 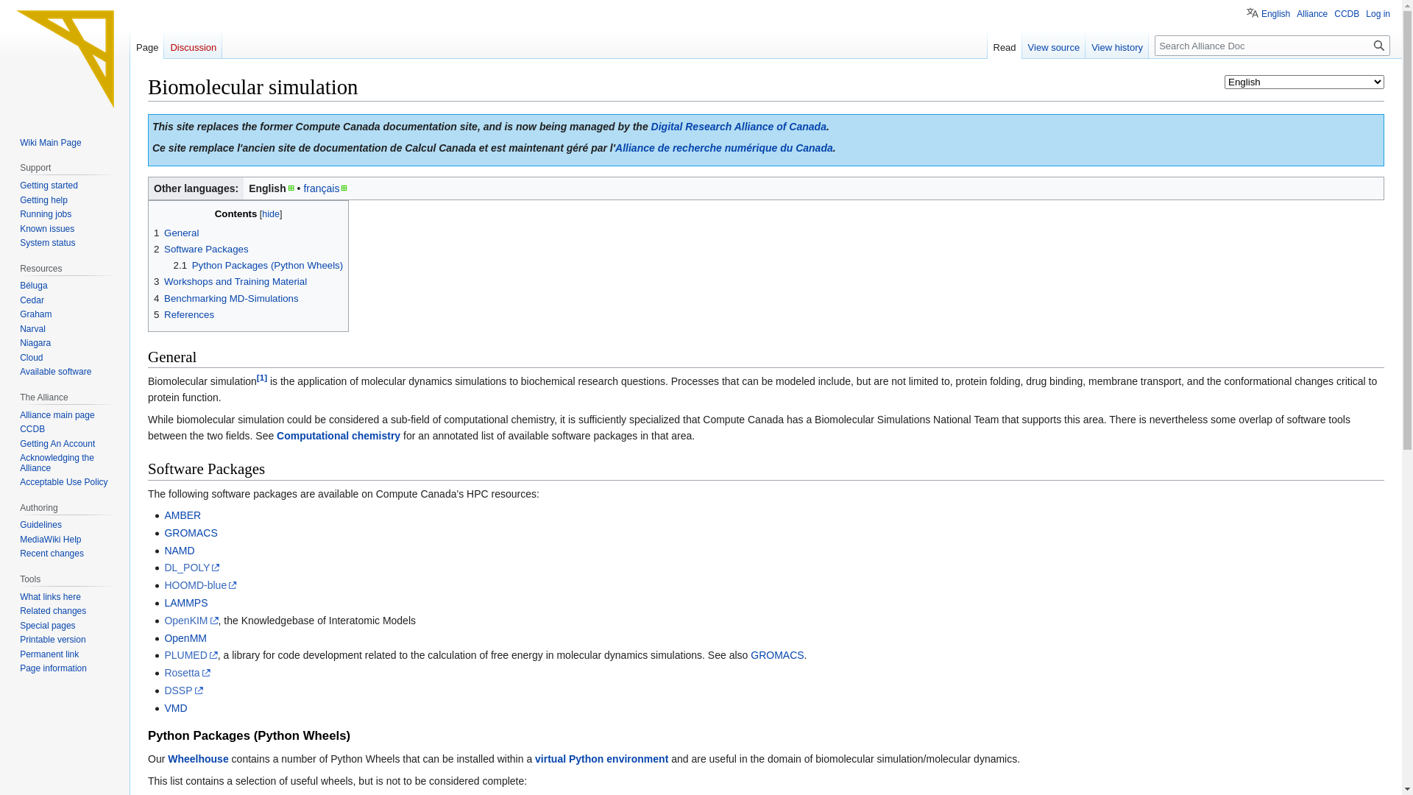 I want to click on 'Running jobs', so click(x=46, y=213).